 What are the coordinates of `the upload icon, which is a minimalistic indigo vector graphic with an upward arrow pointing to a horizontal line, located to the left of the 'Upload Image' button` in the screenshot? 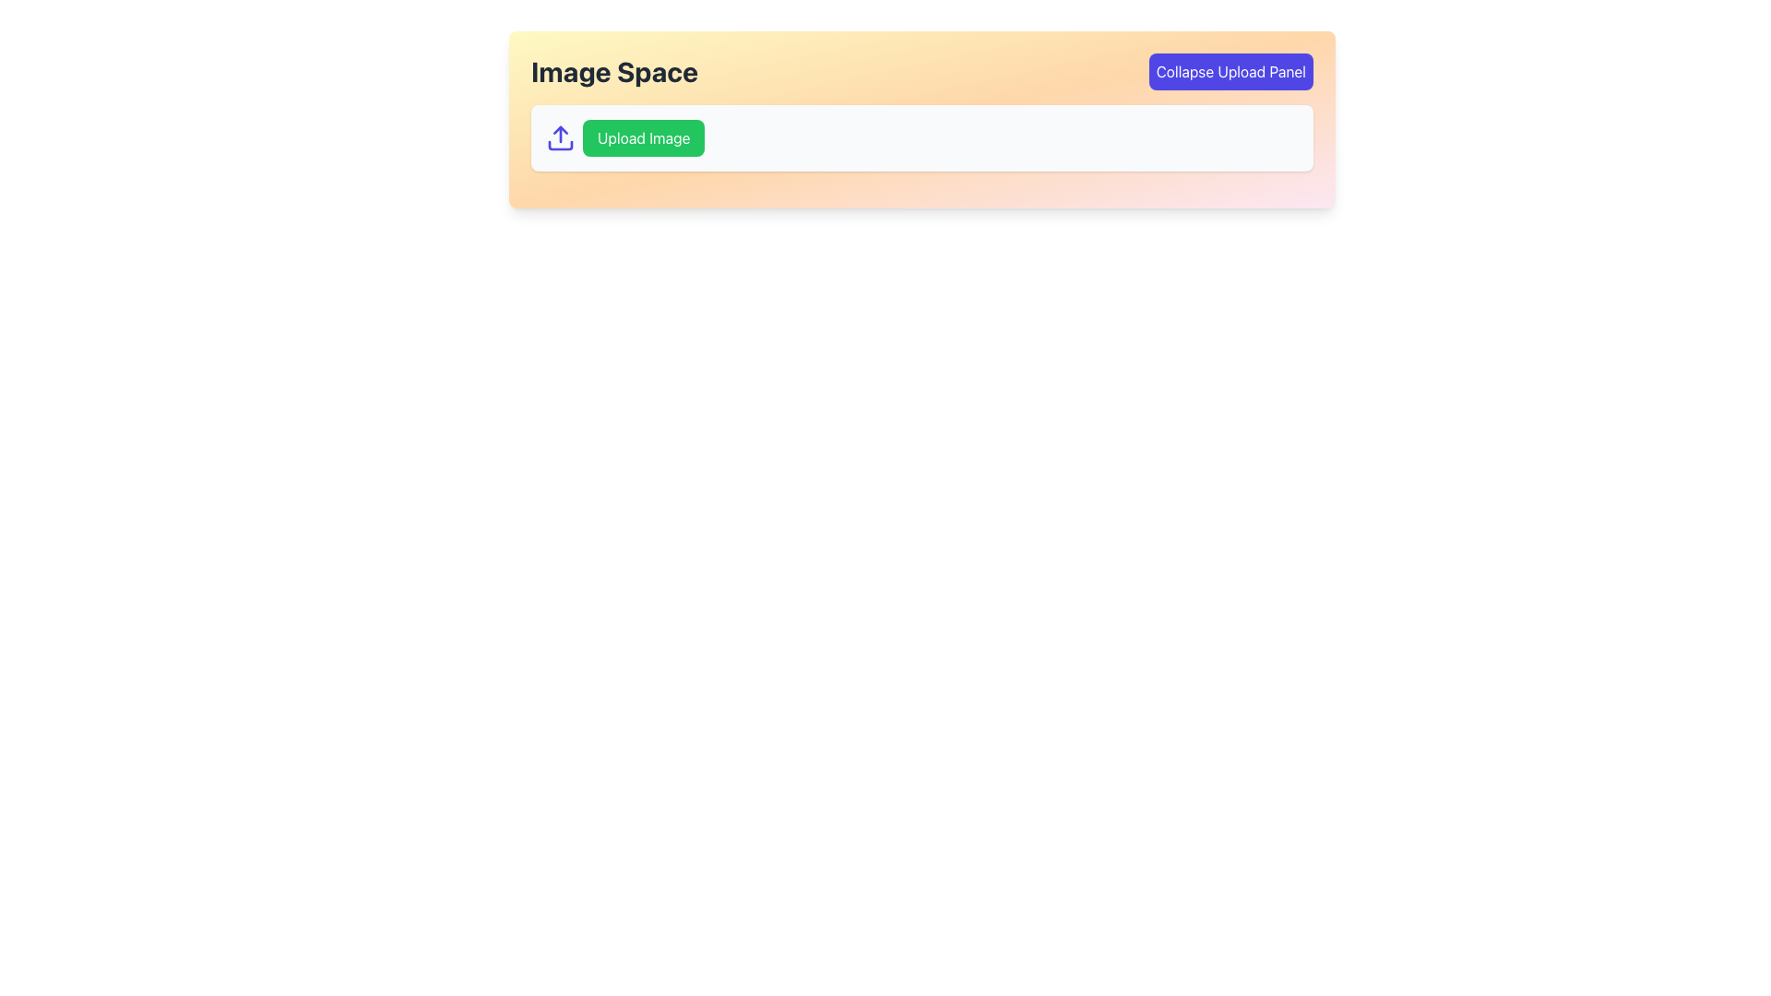 It's located at (560, 137).